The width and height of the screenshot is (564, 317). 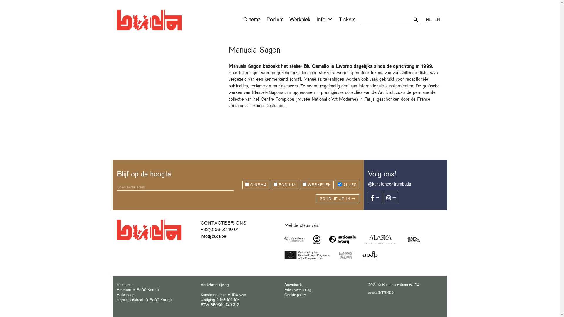 I want to click on 'NL', so click(x=426, y=19).